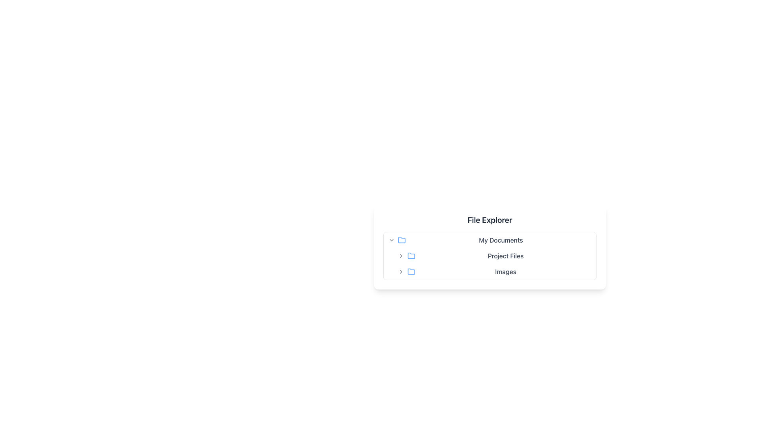  I want to click on the 'Images' folder title in the file explorer, so click(494, 271).